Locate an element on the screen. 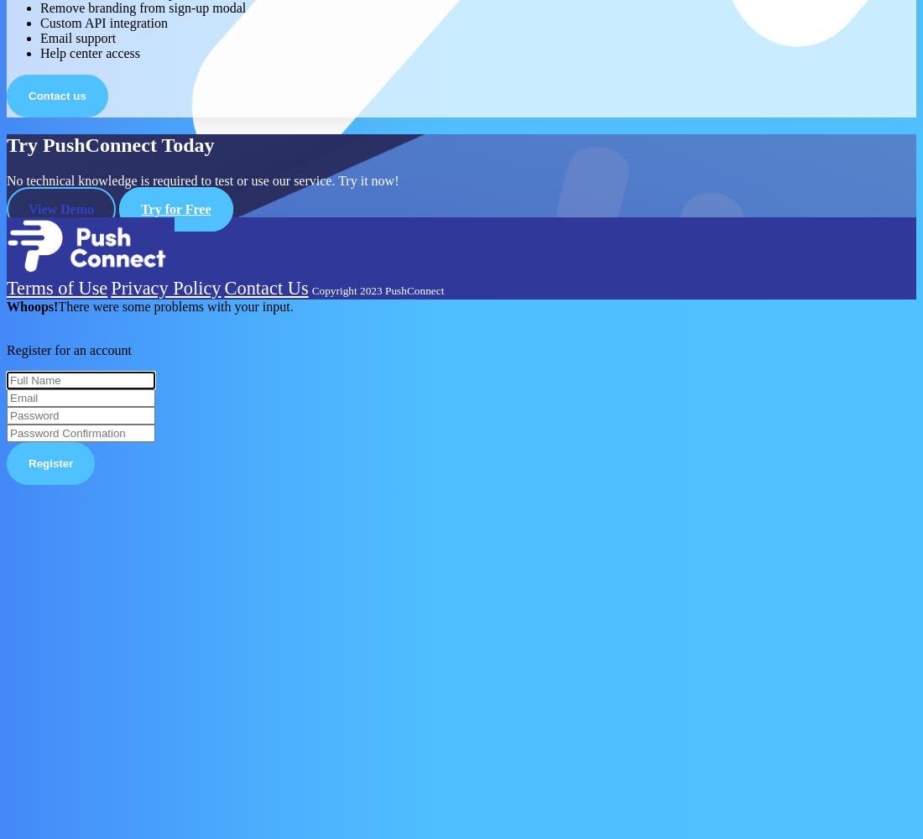  'Contact Us' is located at coordinates (265, 286).